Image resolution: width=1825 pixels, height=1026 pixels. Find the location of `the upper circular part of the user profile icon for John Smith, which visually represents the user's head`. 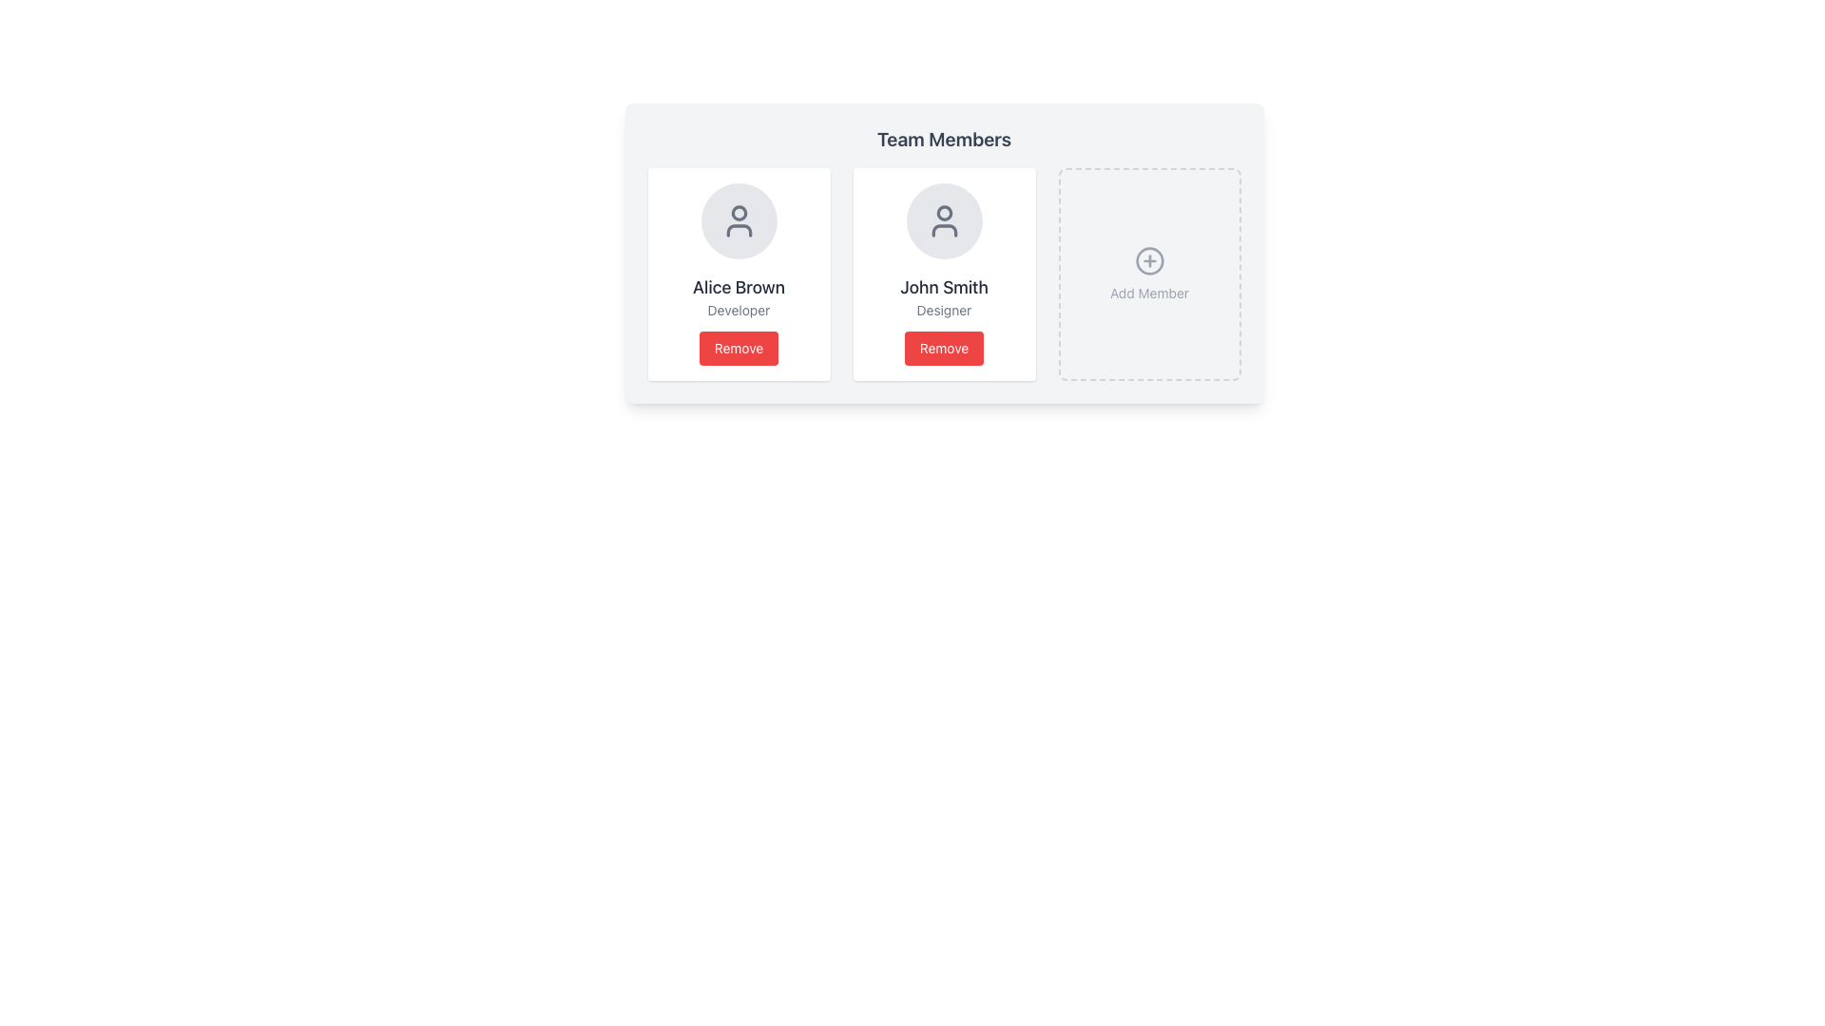

the upper circular part of the user profile icon for John Smith, which visually represents the user's head is located at coordinates (944, 213).